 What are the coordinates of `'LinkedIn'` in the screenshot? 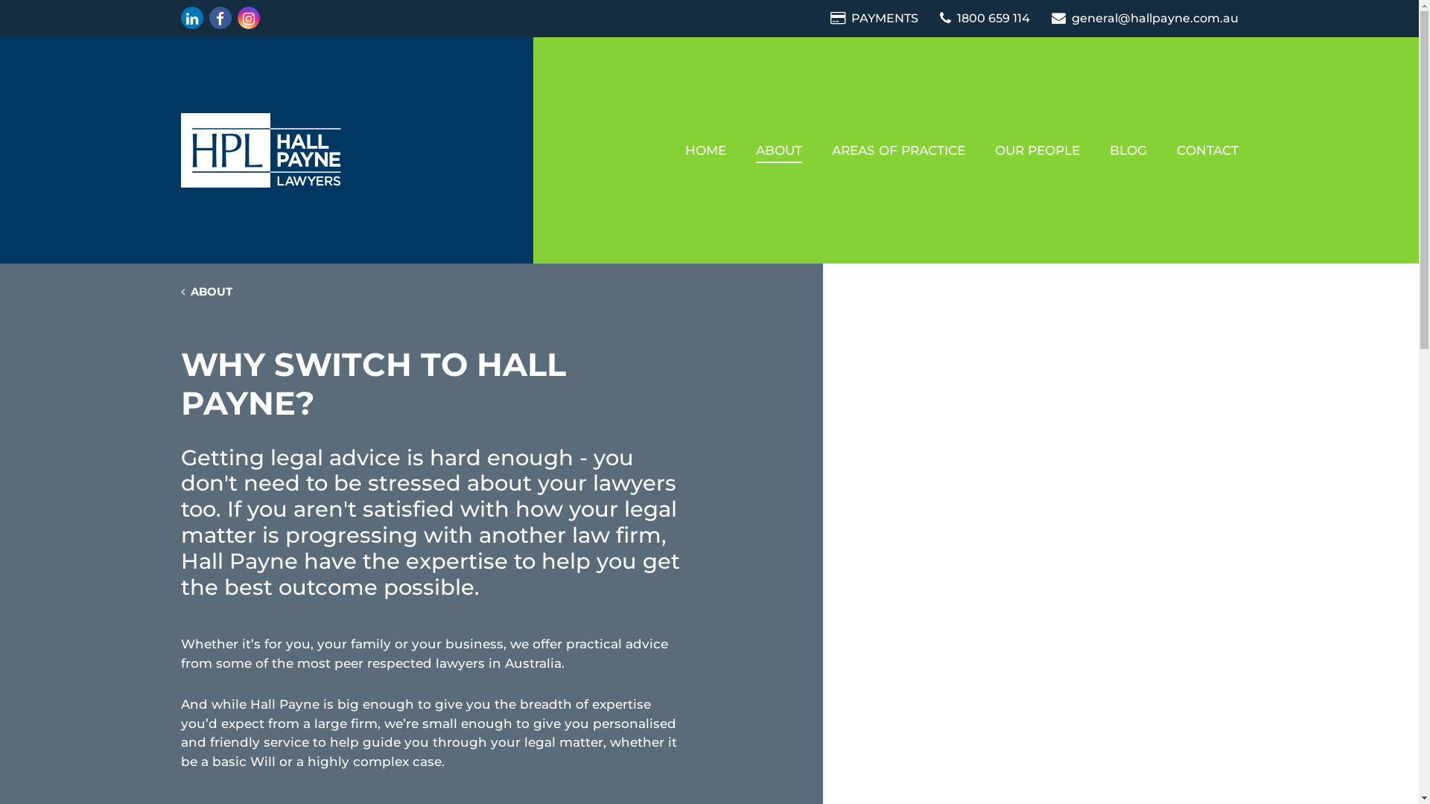 It's located at (179, 17).